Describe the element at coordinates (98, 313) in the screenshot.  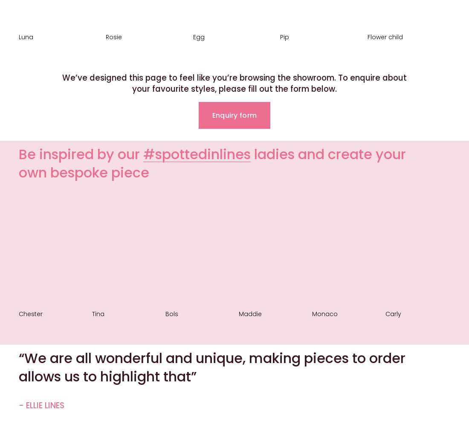
I see `'Tina'` at that location.